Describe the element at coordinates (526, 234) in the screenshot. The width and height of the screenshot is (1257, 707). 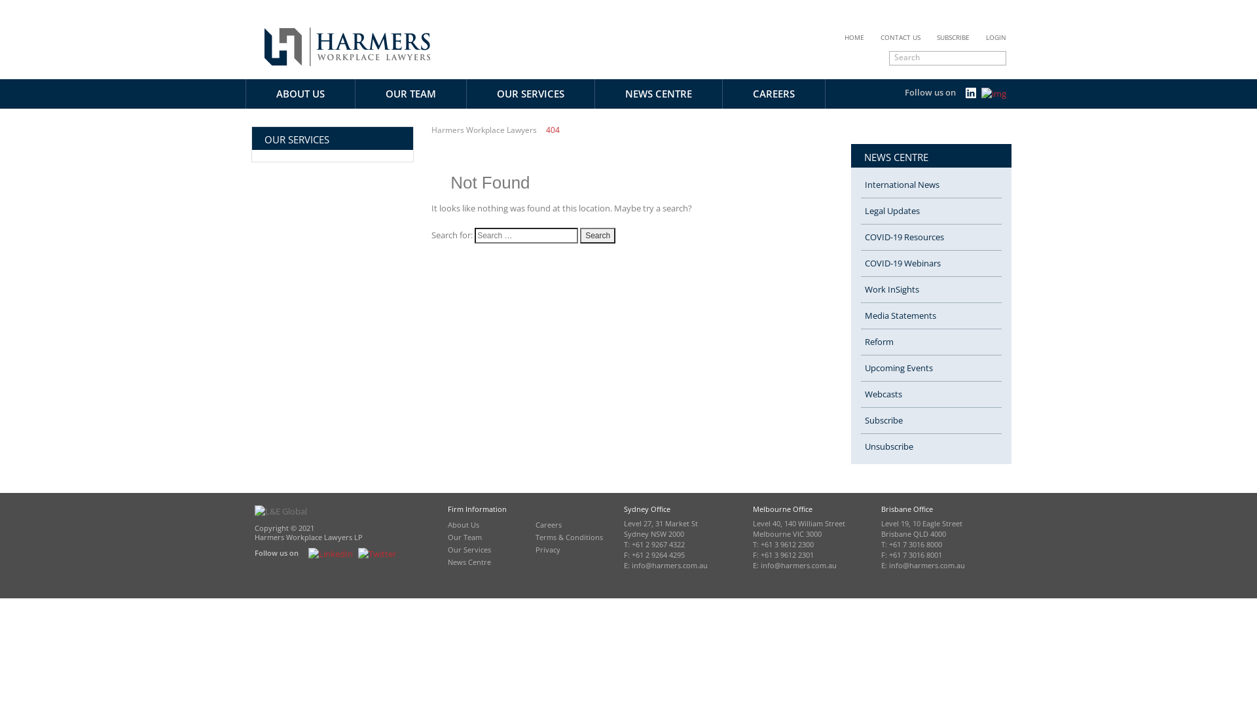
I see `'Search for:'` at that location.